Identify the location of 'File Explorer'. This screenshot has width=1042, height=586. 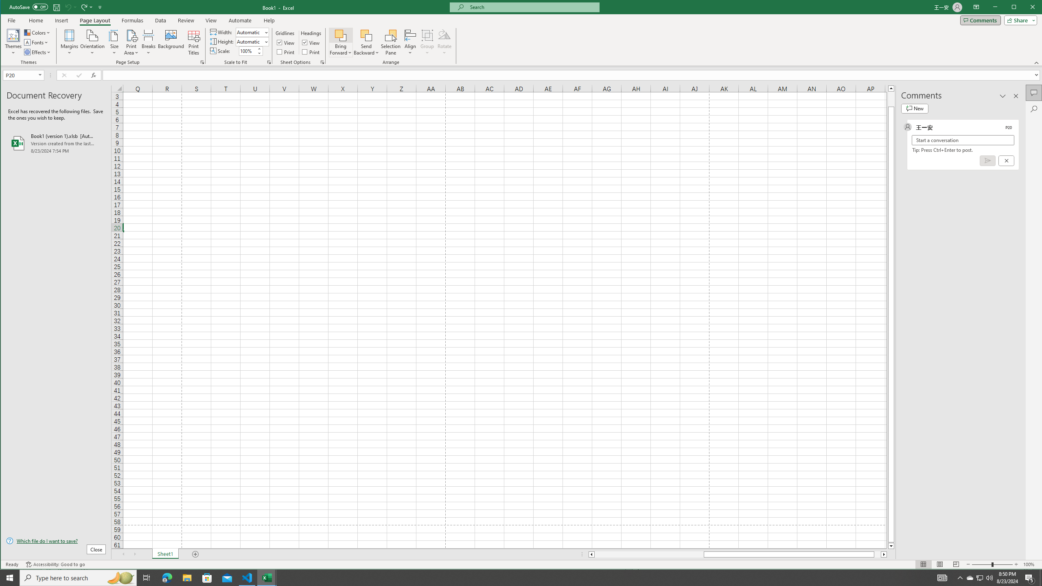
(186, 577).